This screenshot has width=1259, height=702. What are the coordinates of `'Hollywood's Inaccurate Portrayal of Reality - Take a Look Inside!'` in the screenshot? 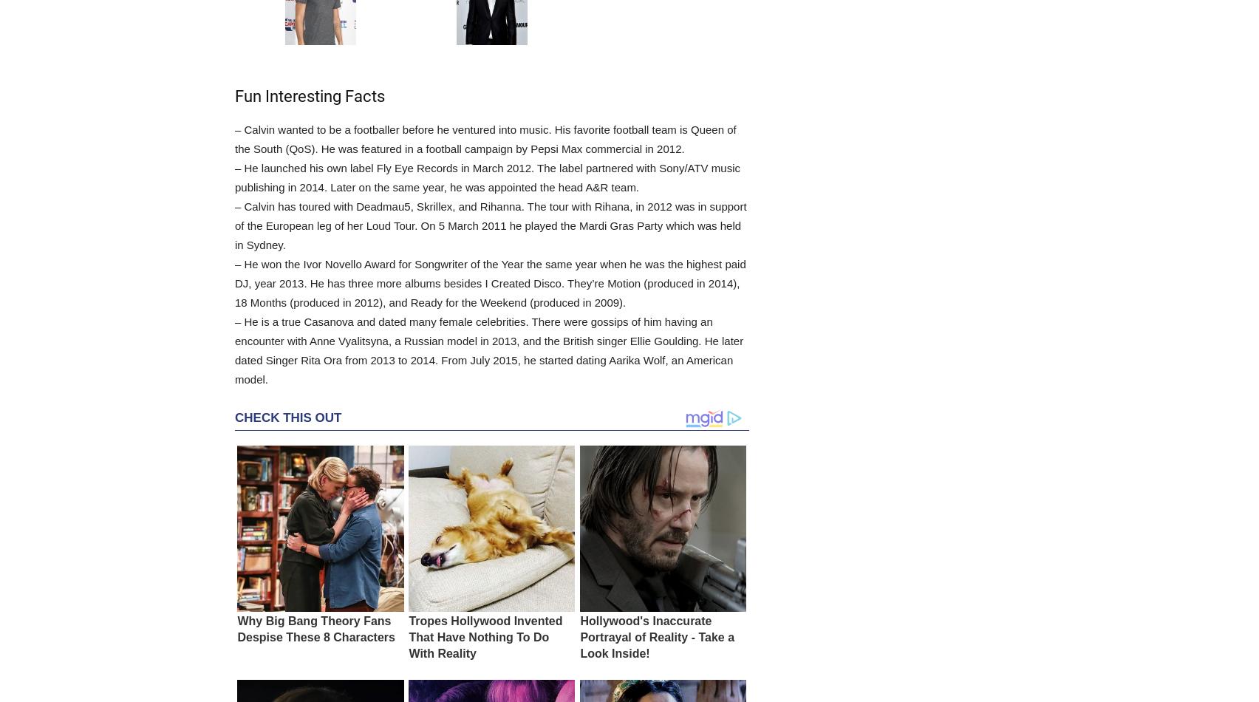 It's located at (657, 636).